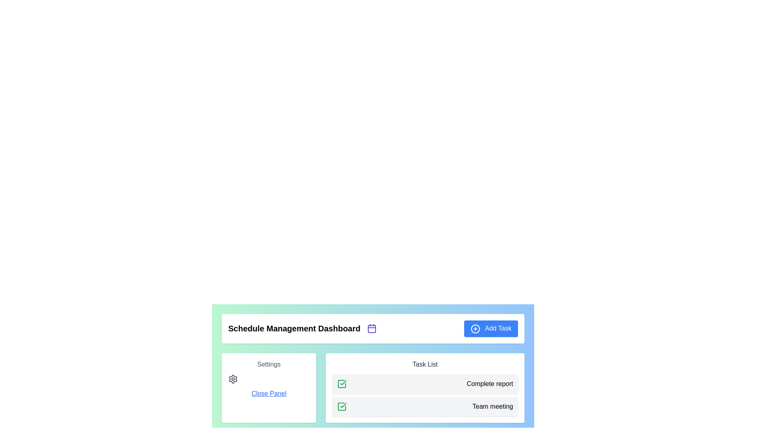 The image size is (777, 437). What do you see at coordinates (269, 387) in the screenshot?
I see `the text field within the settings interface that contains the 'Close Panel' hyperlink, to prepare for any additional interaction` at bounding box center [269, 387].